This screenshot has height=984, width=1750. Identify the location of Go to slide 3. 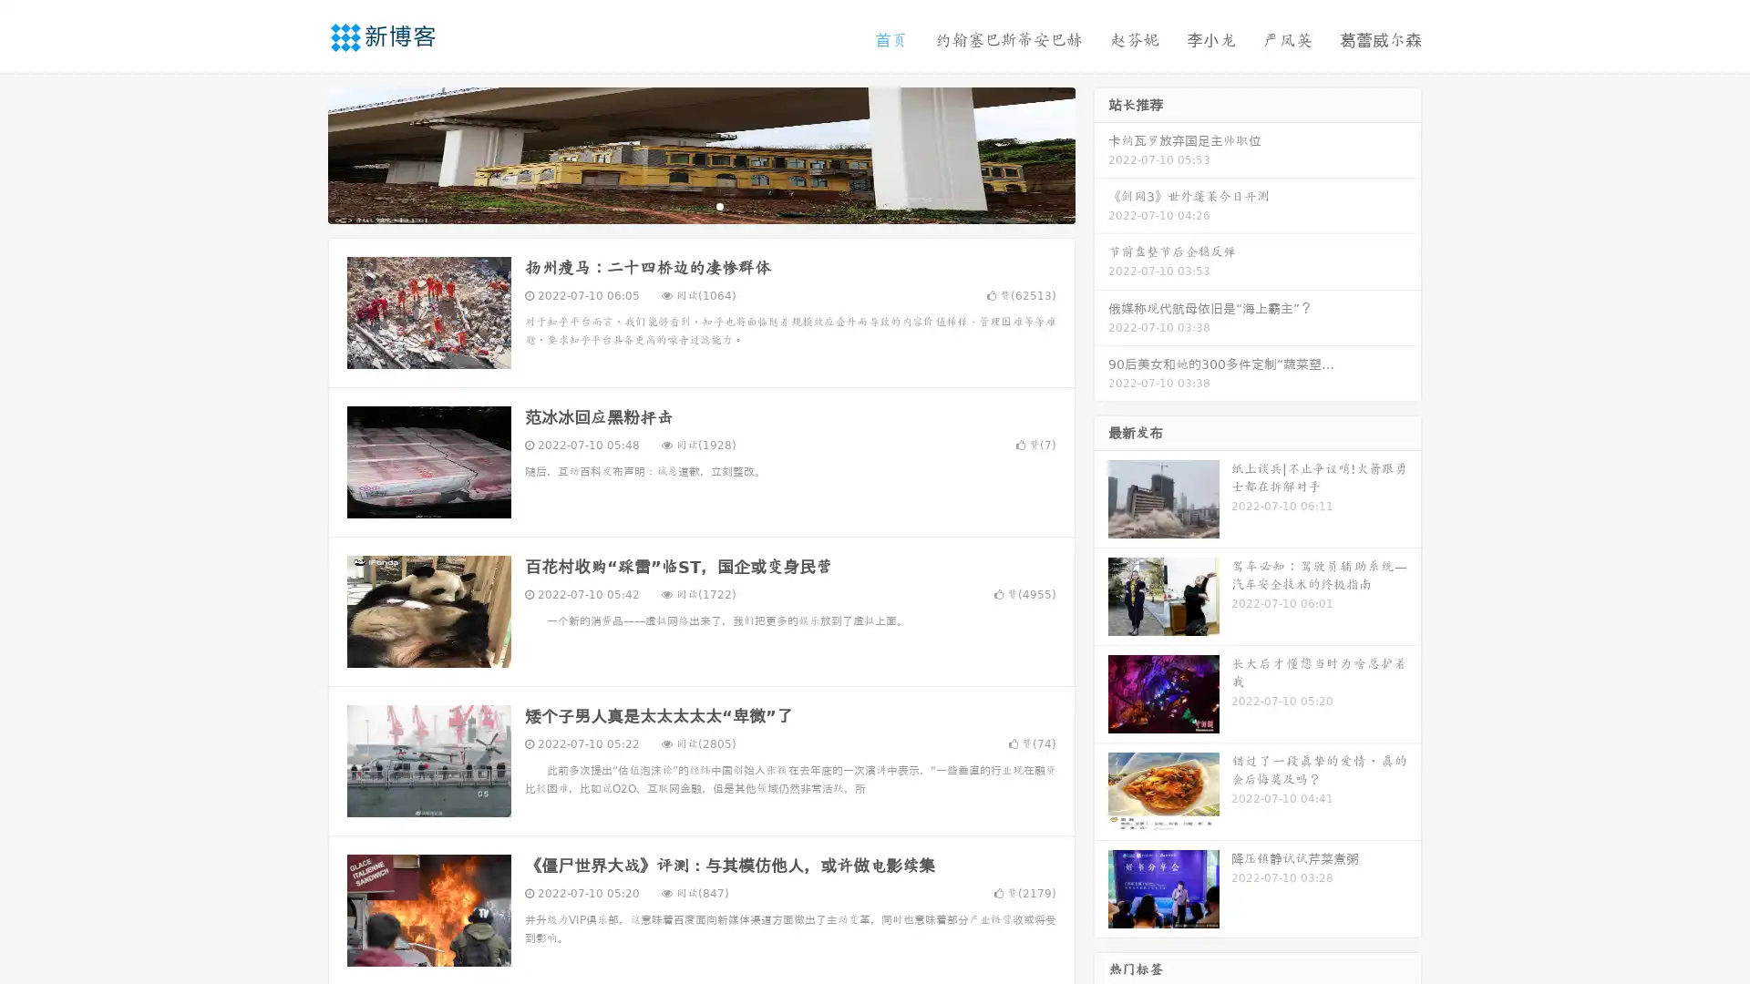
(719, 205).